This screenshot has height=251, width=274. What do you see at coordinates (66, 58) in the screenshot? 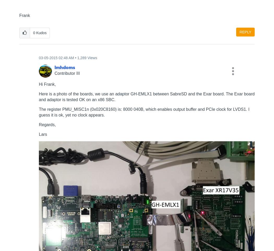
I see `'02:48 AM'` at bounding box center [66, 58].